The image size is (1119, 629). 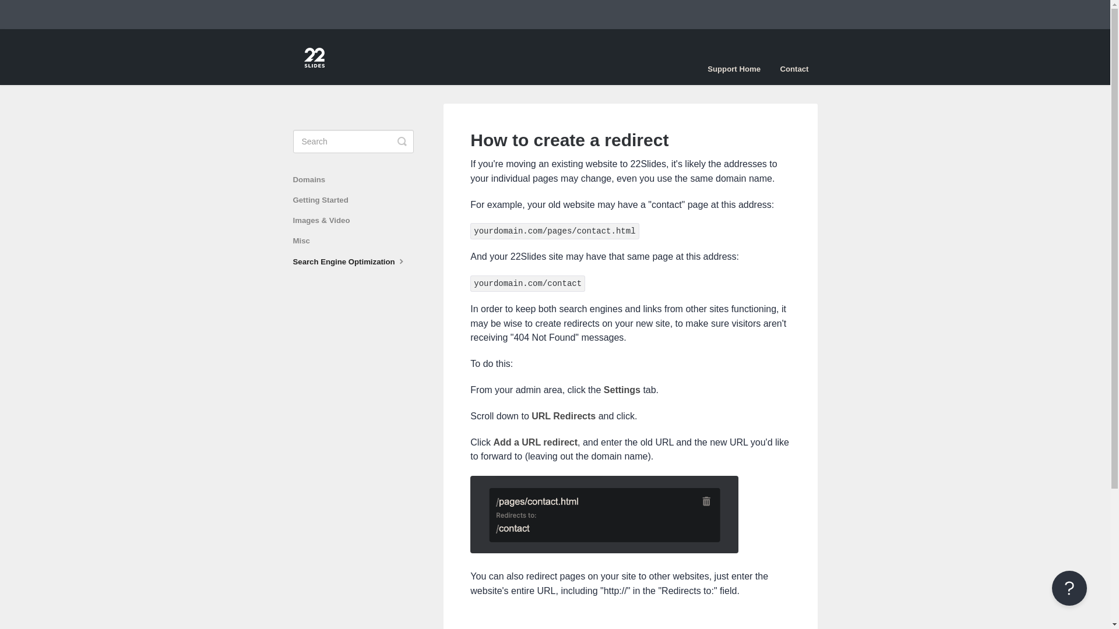 I want to click on 'Search Engine Optimization', so click(x=354, y=261).